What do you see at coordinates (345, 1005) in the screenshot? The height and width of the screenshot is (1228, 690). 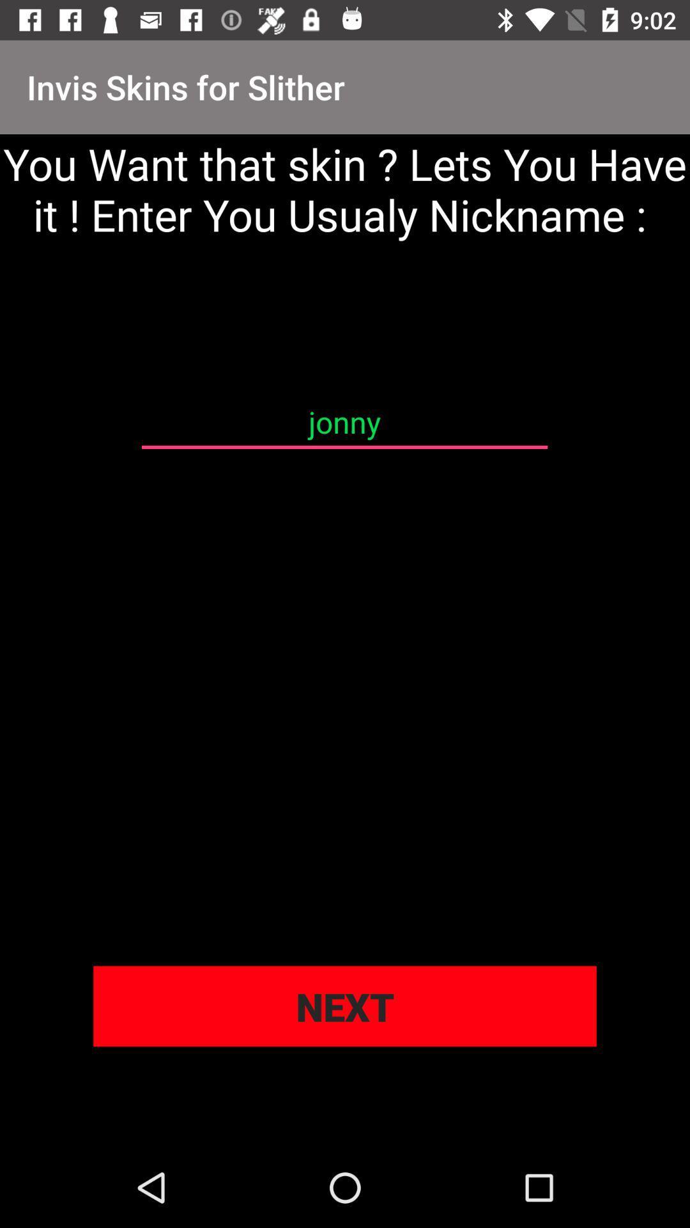 I see `the item below the jonny` at bounding box center [345, 1005].